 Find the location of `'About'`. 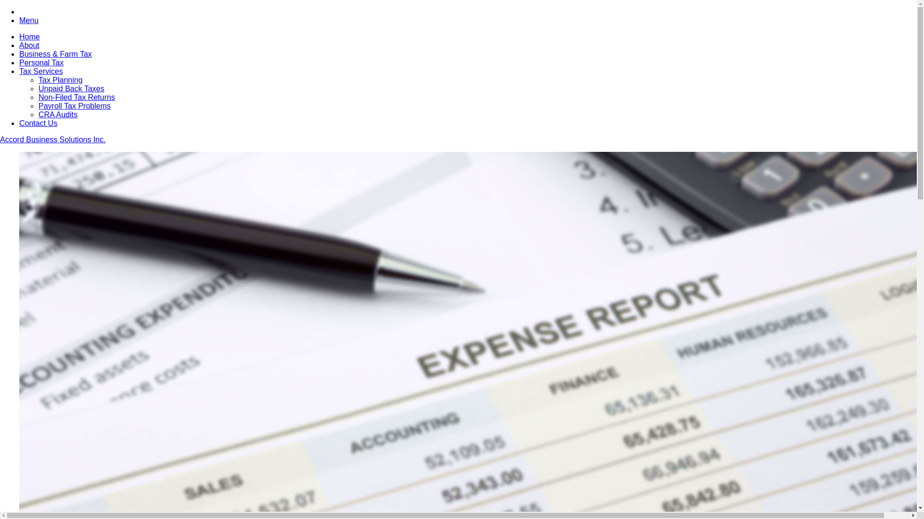

'About' is located at coordinates (29, 45).